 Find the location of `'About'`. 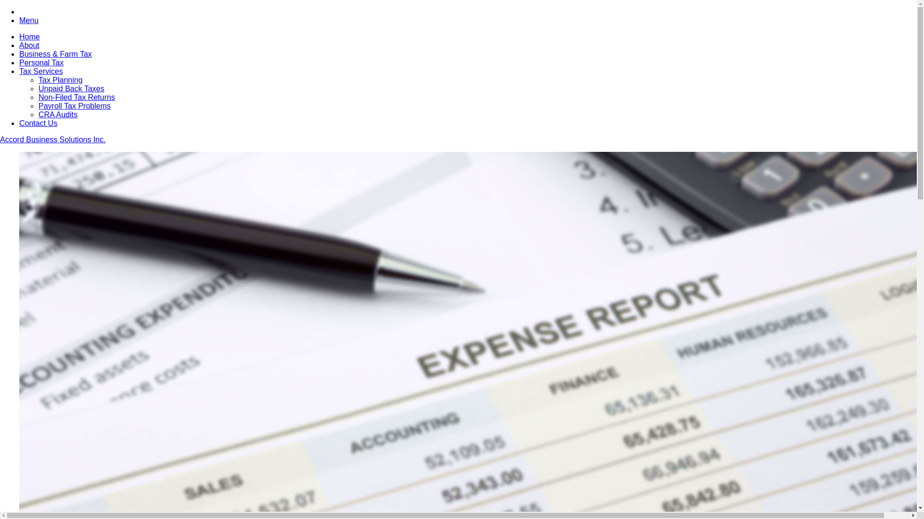

'About' is located at coordinates (29, 45).